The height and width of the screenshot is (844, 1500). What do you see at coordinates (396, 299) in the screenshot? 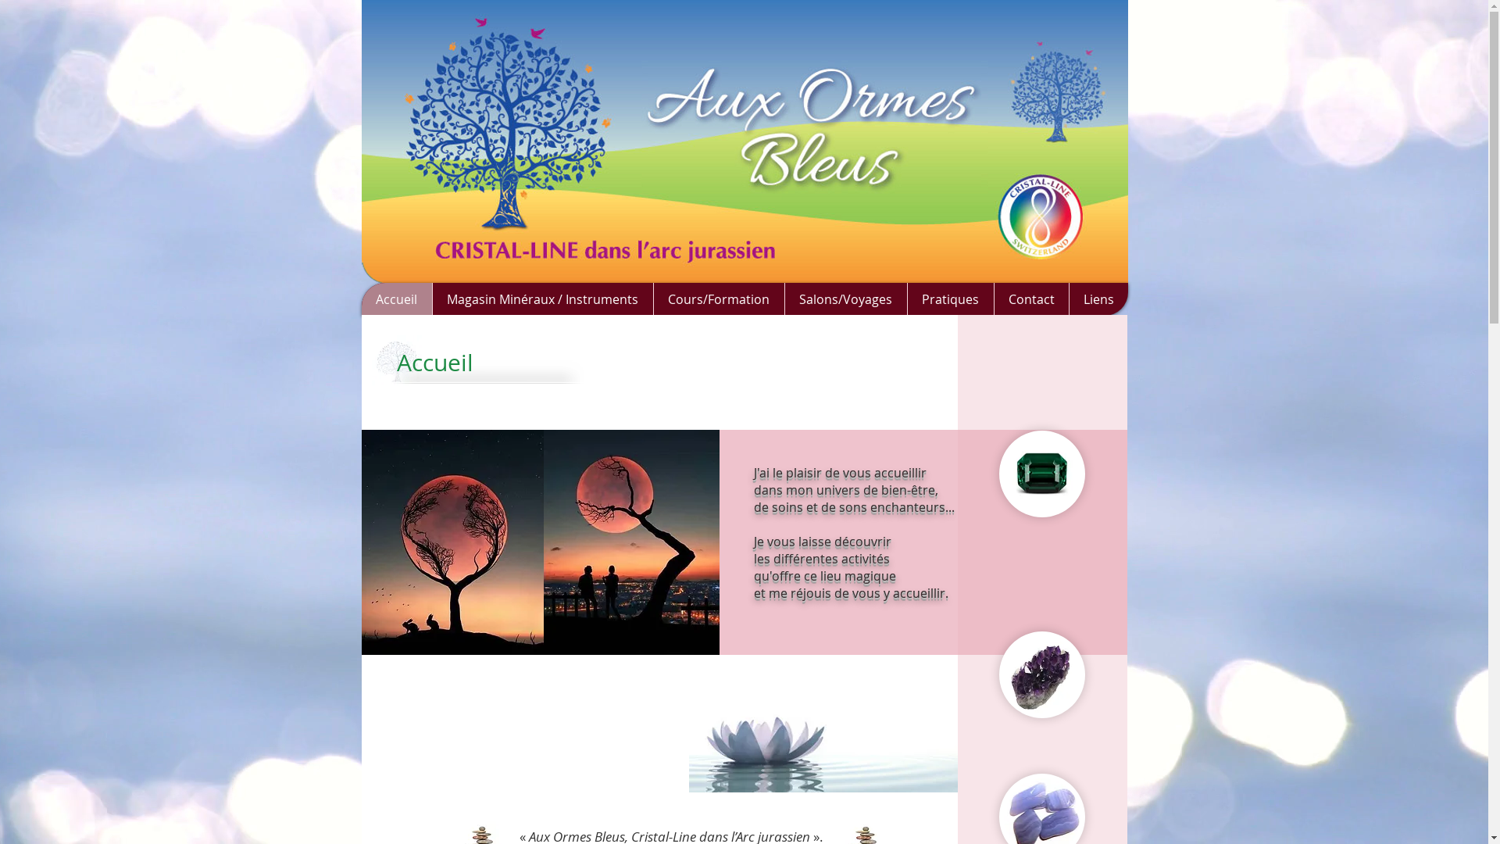
I see `'Accueil'` at bounding box center [396, 299].